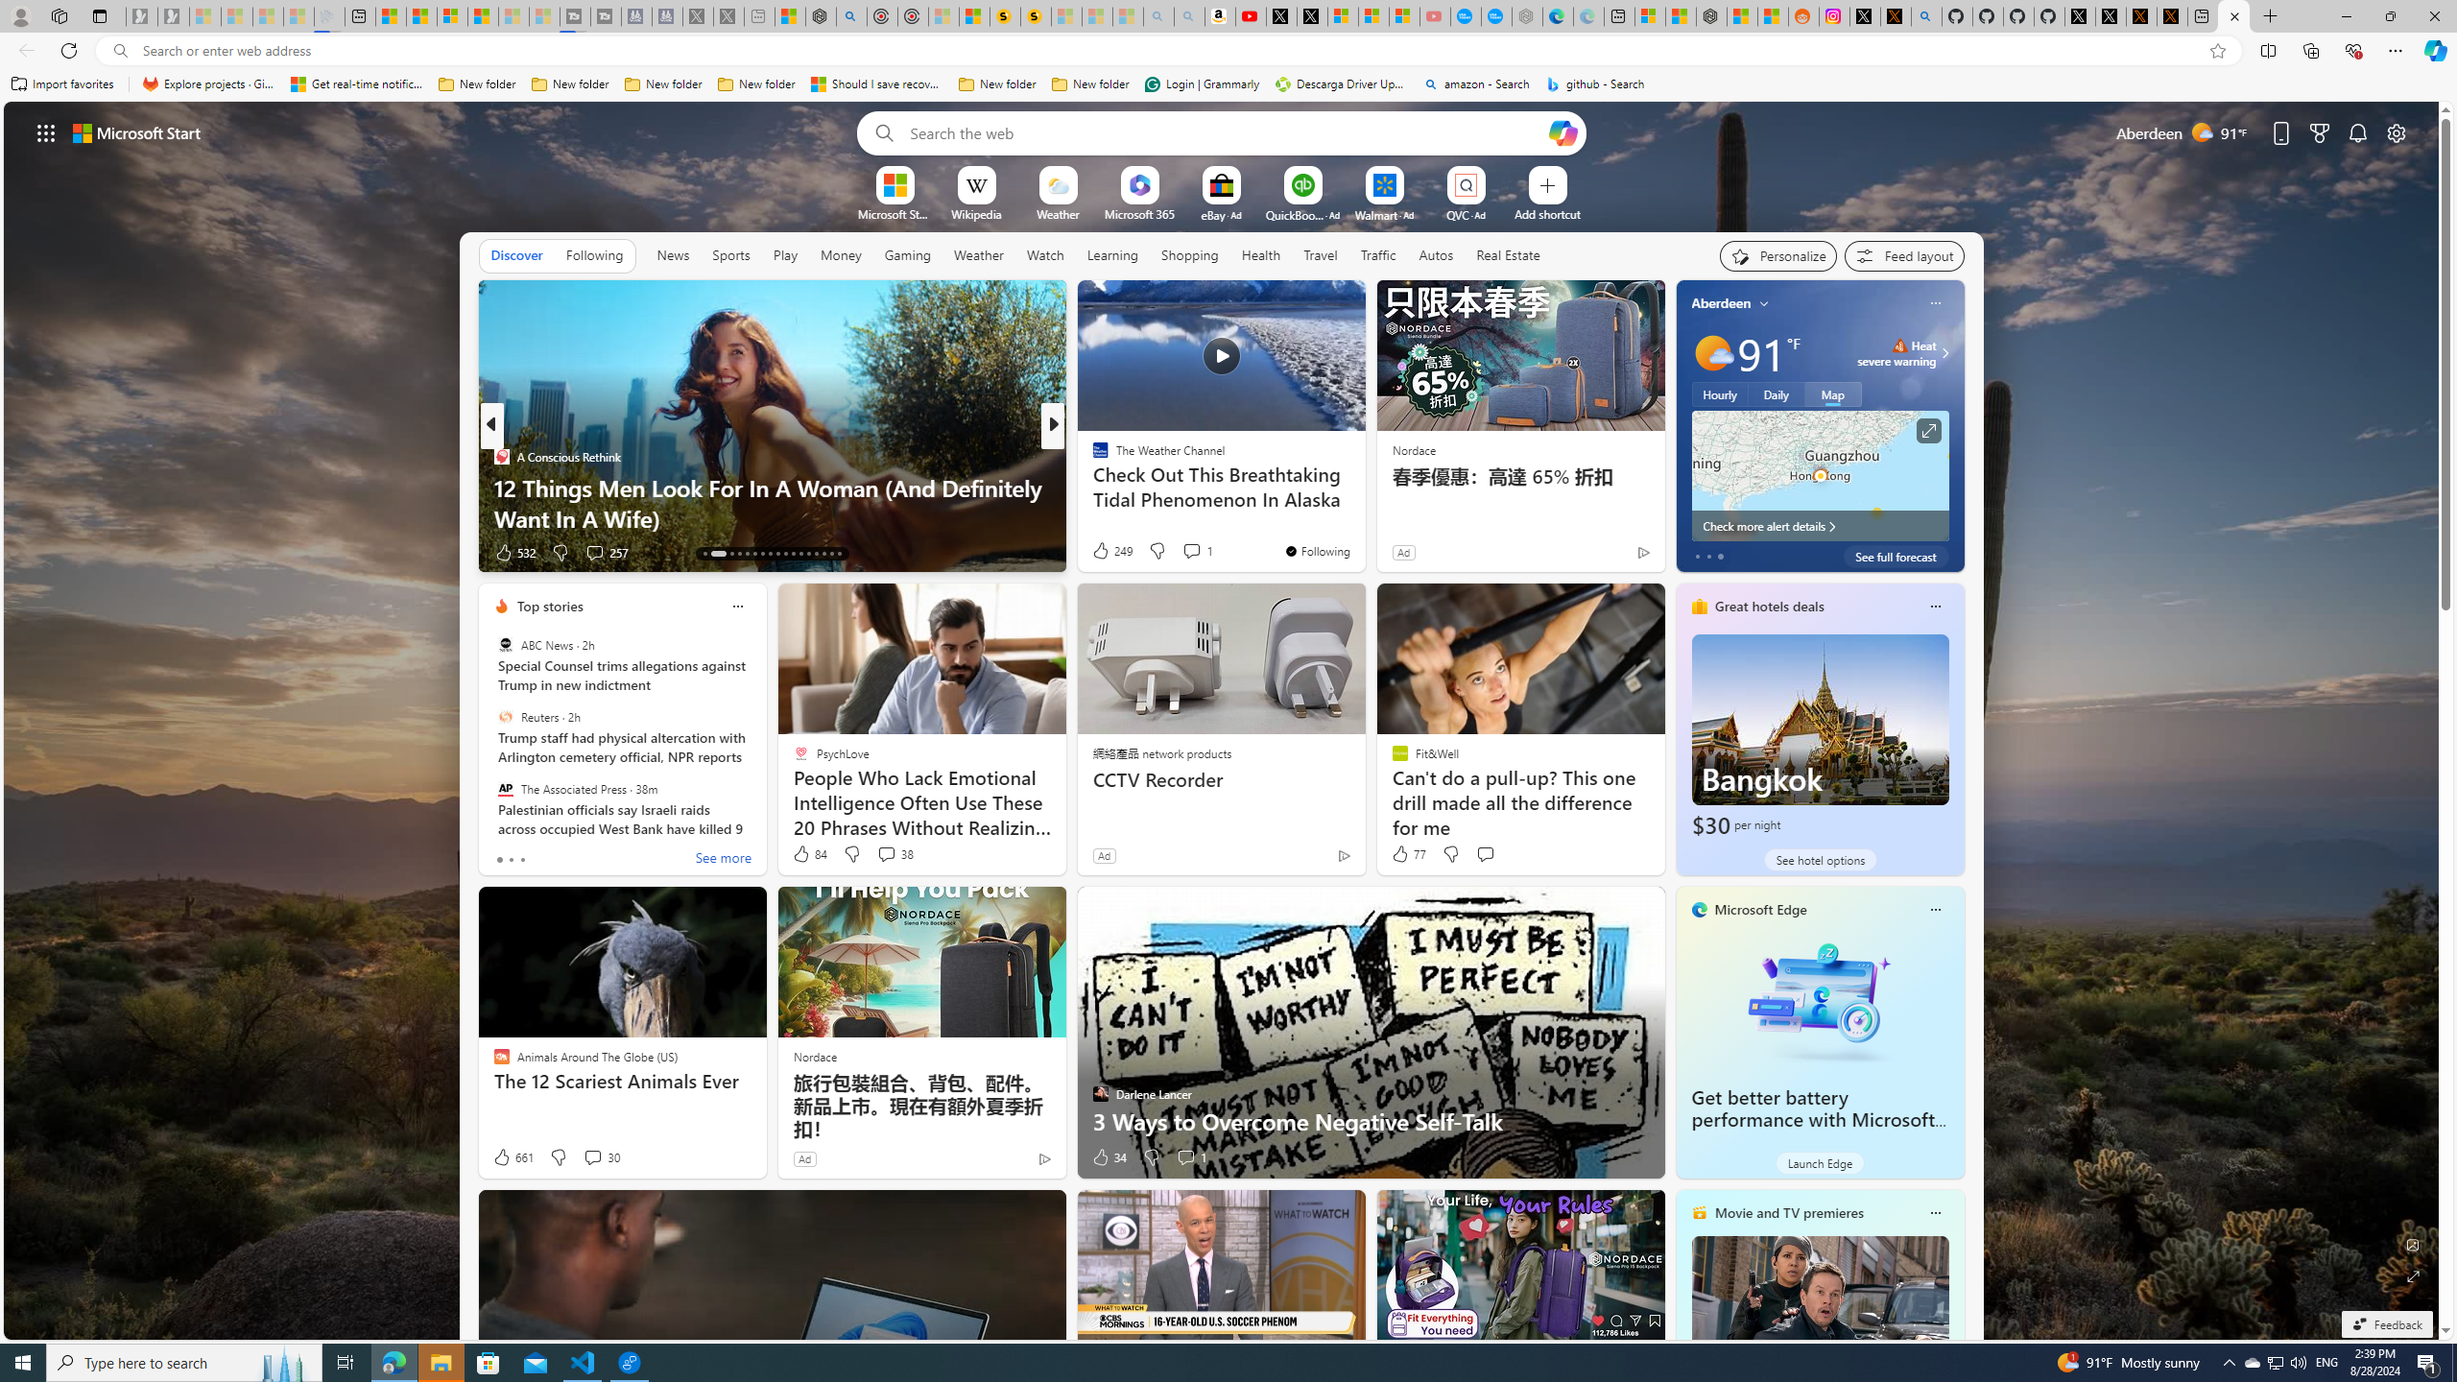  I want to click on 'Shopping', so click(1189, 253).